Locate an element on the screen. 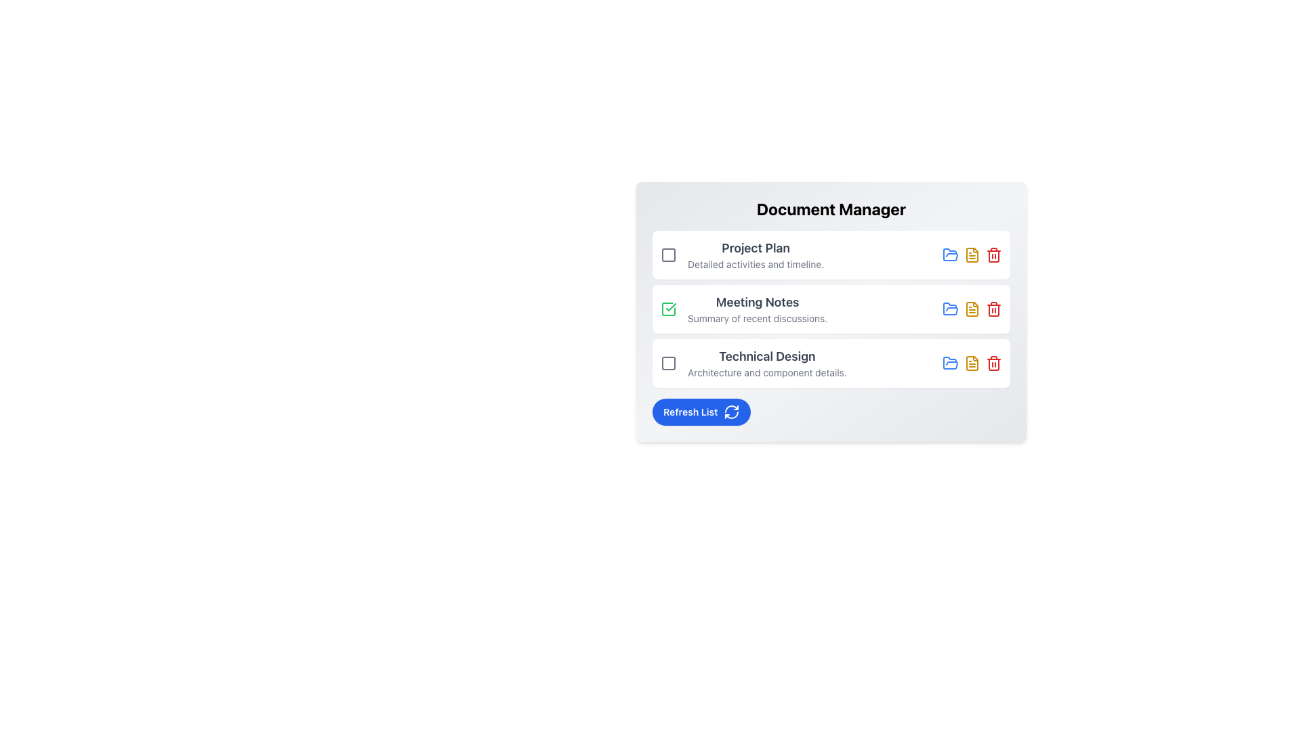 The width and height of the screenshot is (1301, 731). the SVG folder icon in the Document Manager interface is located at coordinates (949, 255).